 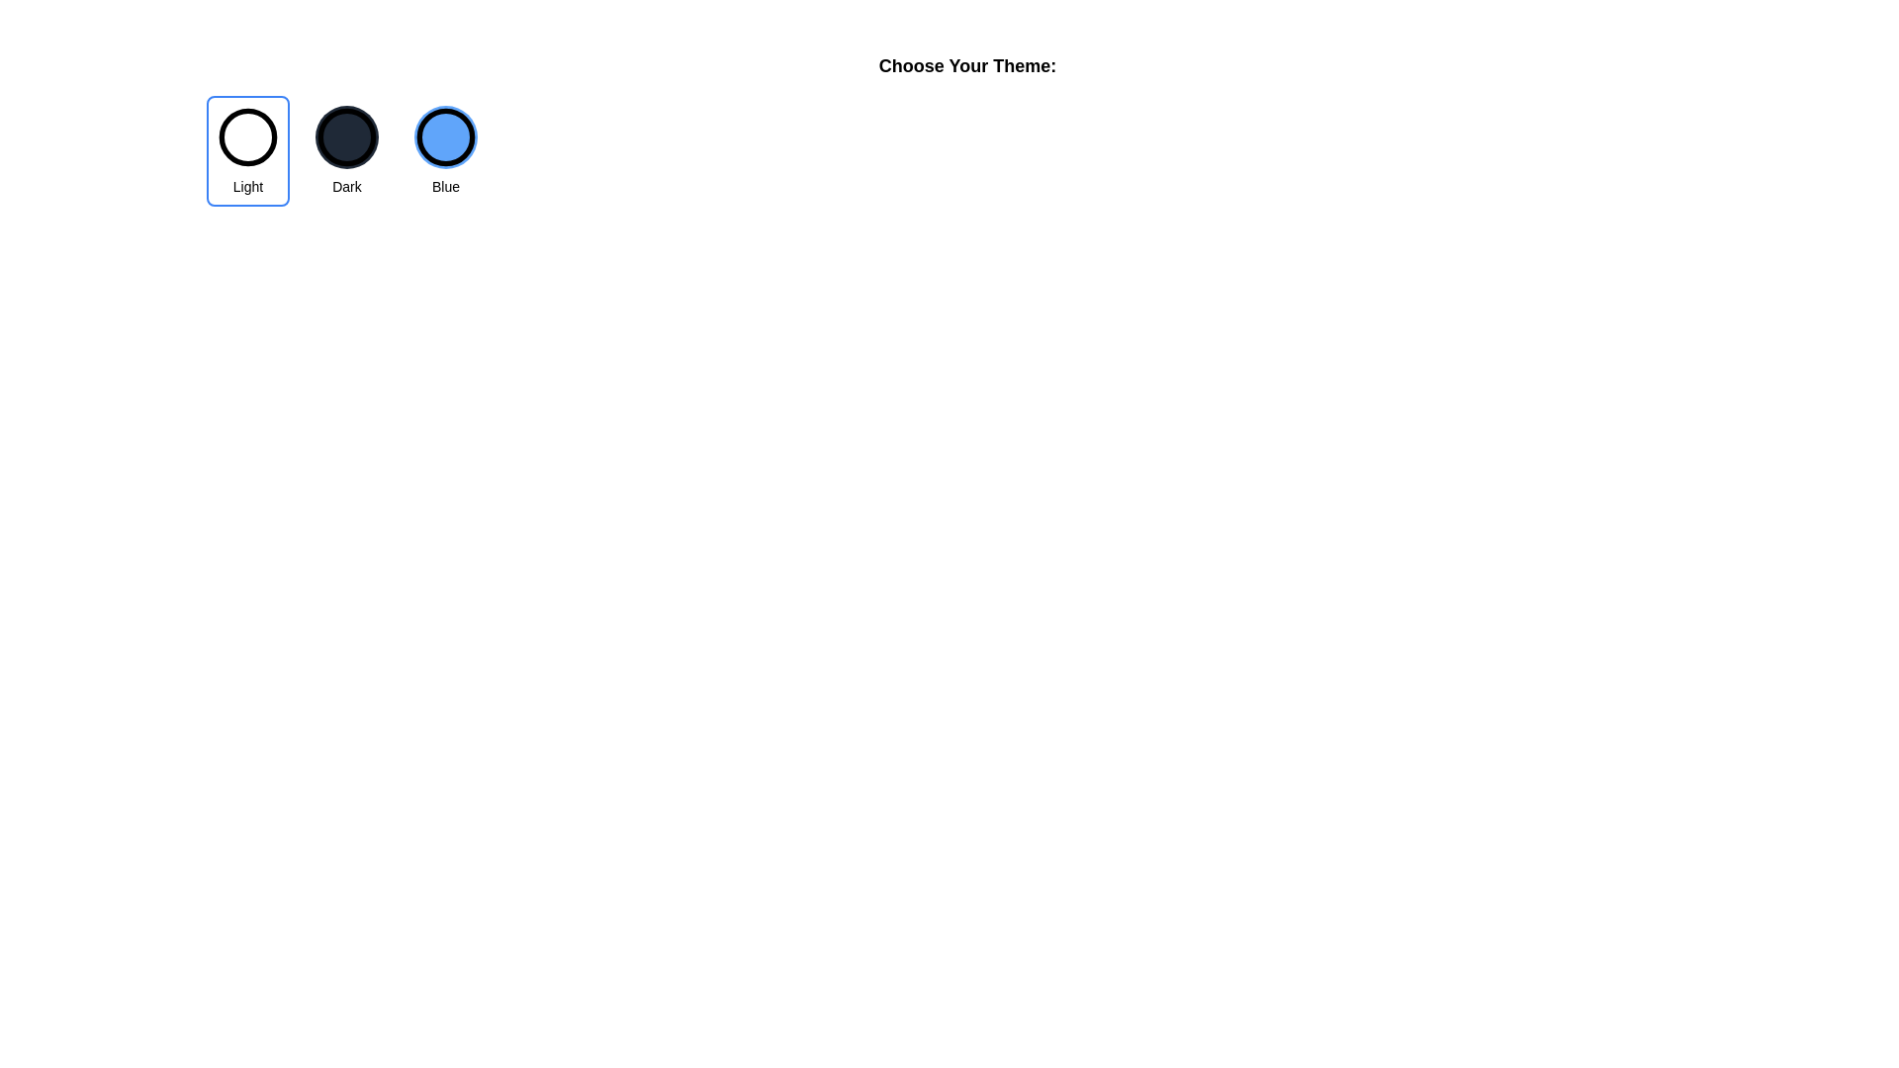 I want to click on the circular SVG graphic element styled as a selectable button for the 'Dark' theme option, so click(x=346, y=135).